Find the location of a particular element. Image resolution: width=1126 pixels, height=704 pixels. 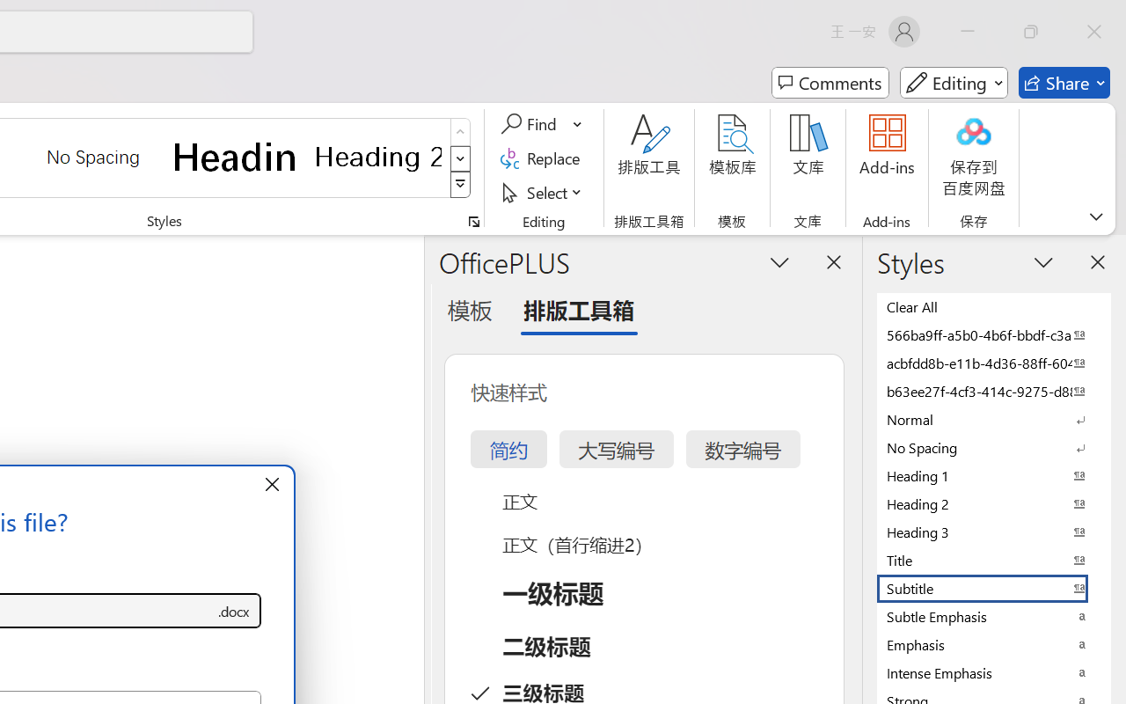

'Replace...' is located at coordinates (542, 158).